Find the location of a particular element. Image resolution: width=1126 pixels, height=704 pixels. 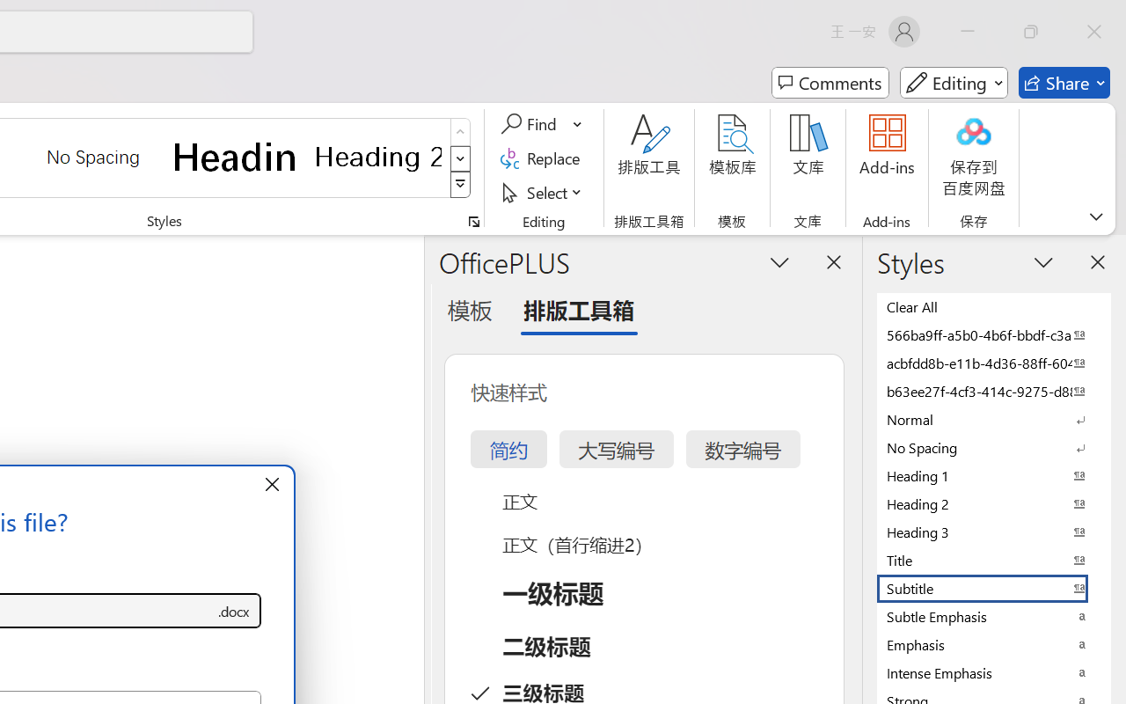

'Replace...' is located at coordinates (542, 158).